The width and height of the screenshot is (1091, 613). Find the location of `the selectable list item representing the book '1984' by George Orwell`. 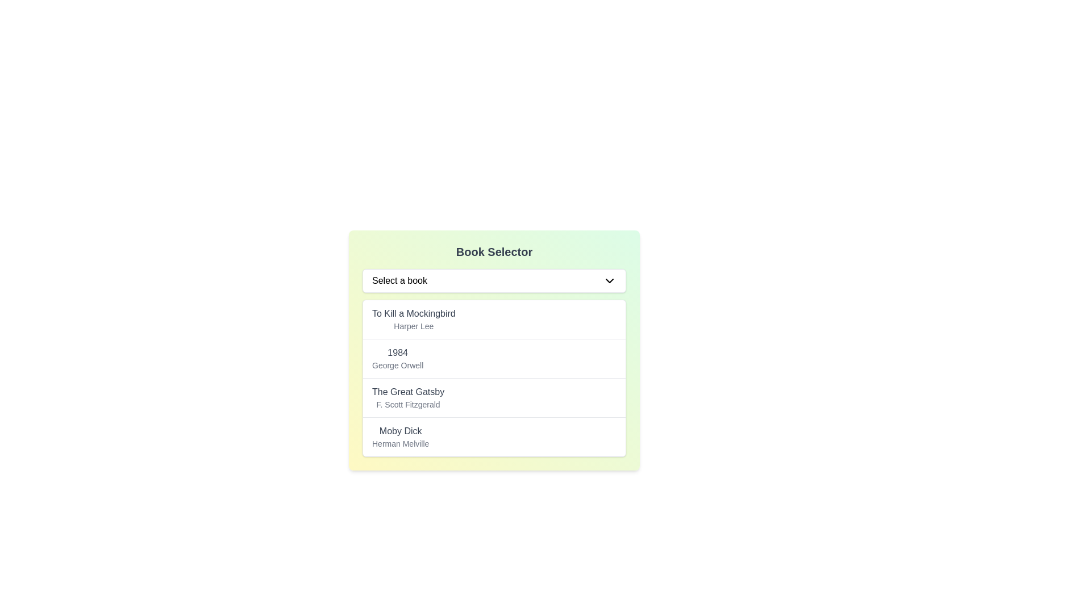

the selectable list item representing the book '1984' by George Orwell is located at coordinates (494, 358).